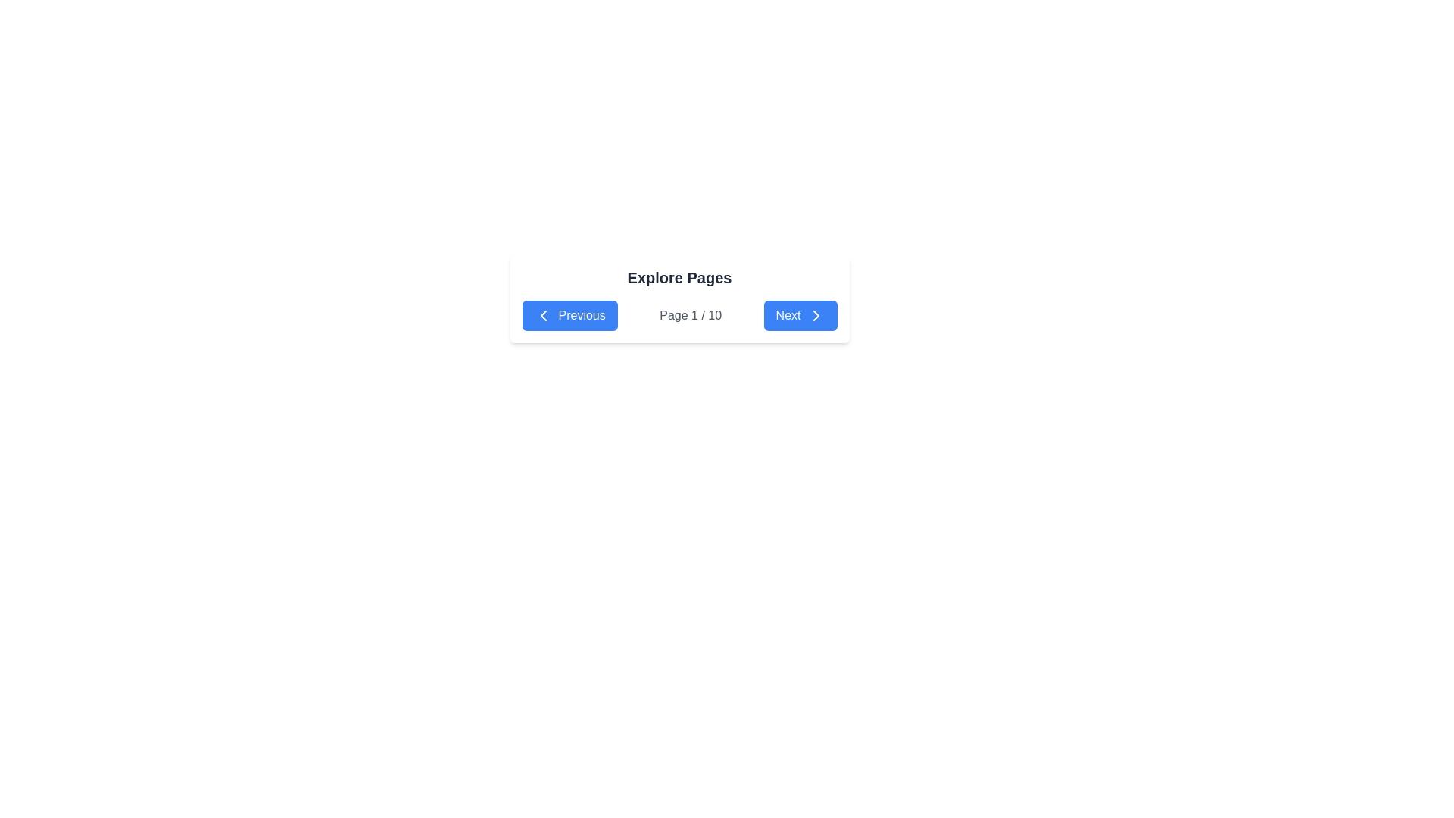 This screenshot has width=1454, height=818. What do you see at coordinates (815, 314) in the screenshot?
I see `the rightward-pointing chevron icon of the 'Next' button located at the far right of the pagination section beneath the 'Explore Pages' heading` at bounding box center [815, 314].